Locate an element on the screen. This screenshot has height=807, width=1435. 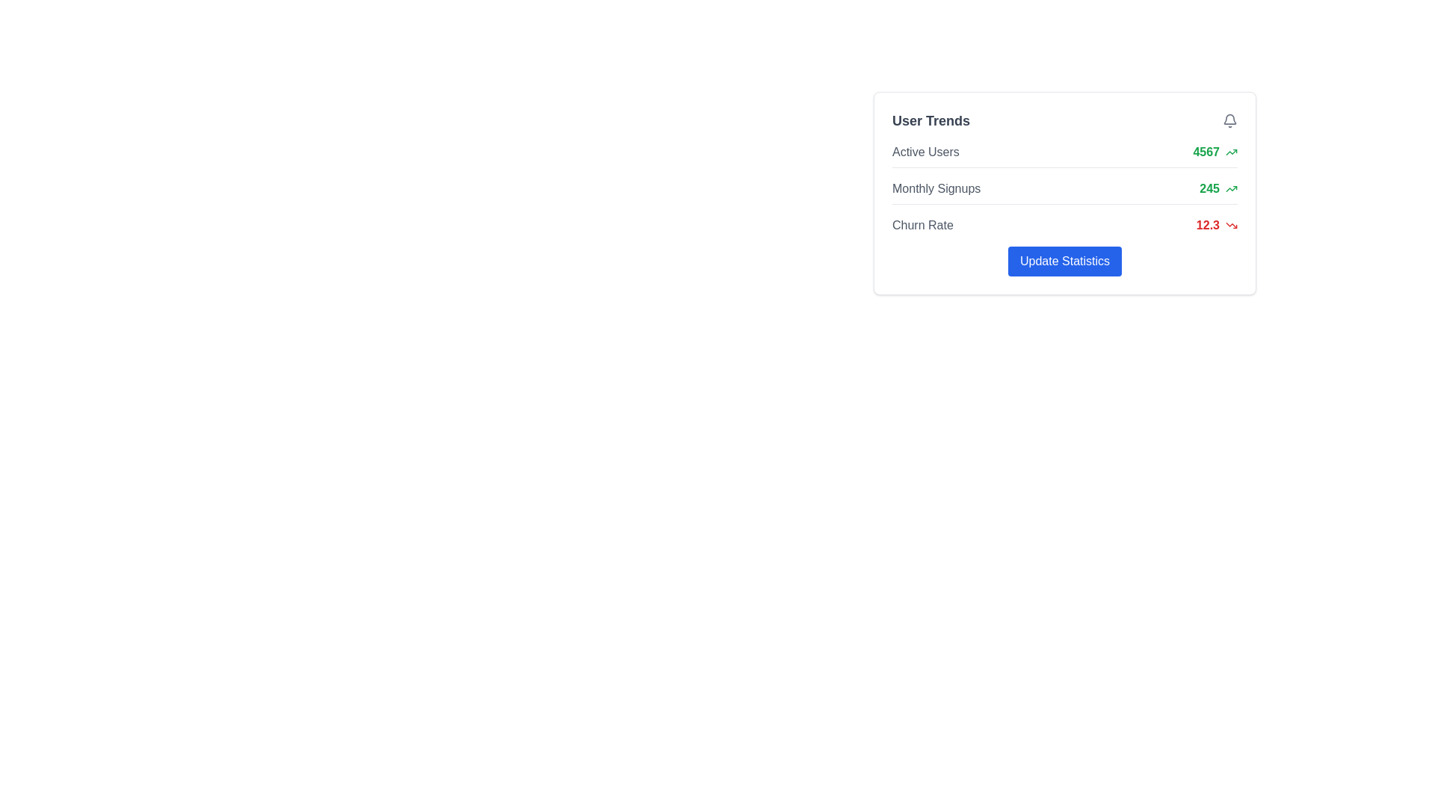
value displayed in the Metric display with icon for 'Churn Rate', which shows '12.3' in bold red font is located at coordinates (1217, 225).